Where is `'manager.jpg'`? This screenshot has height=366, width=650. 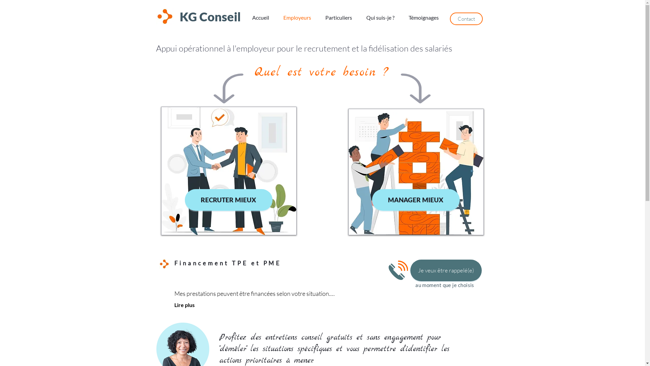 'manager.jpg' is located at coordinates (415, 171).